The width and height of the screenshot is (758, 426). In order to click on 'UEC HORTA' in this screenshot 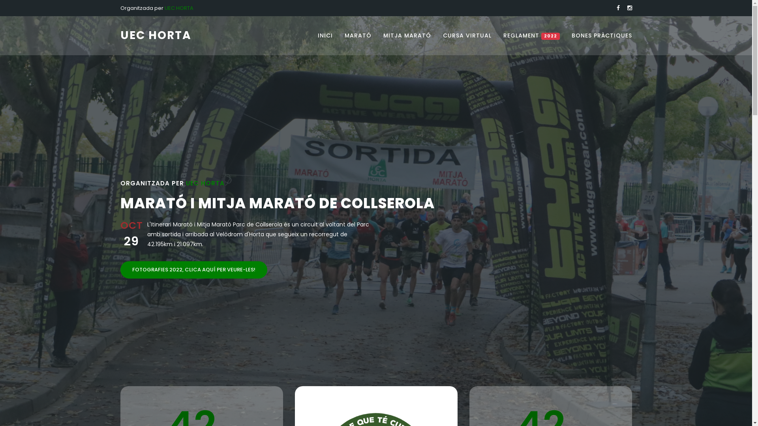, I will do `click(178, 8)`.